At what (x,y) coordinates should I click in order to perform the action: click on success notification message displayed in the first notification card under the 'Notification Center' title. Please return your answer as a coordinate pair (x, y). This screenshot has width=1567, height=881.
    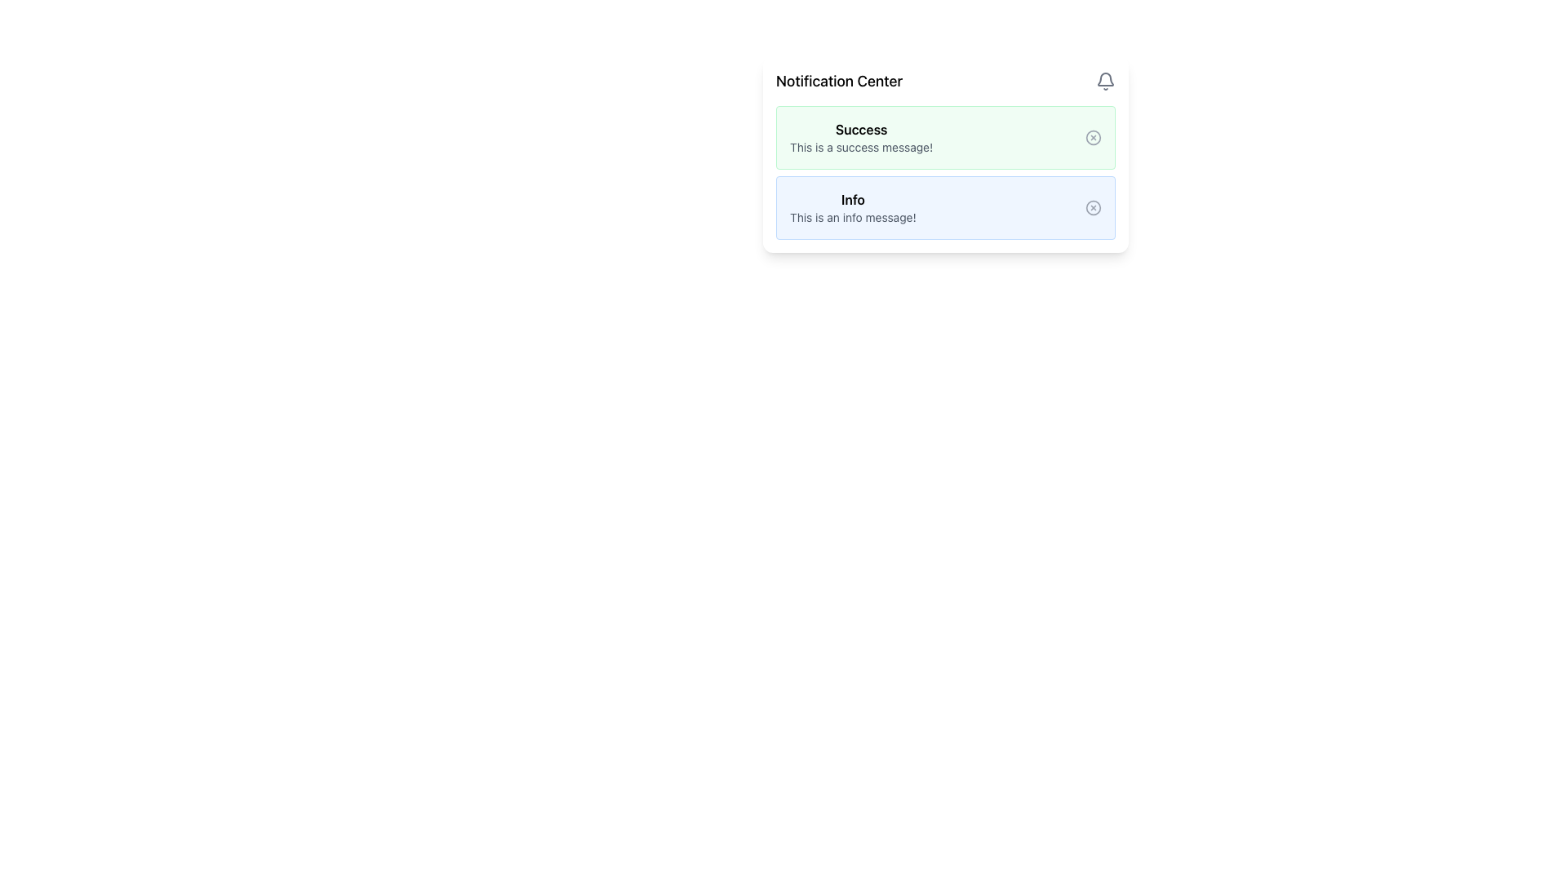
    Looking at the image, I should click on (945, 154).